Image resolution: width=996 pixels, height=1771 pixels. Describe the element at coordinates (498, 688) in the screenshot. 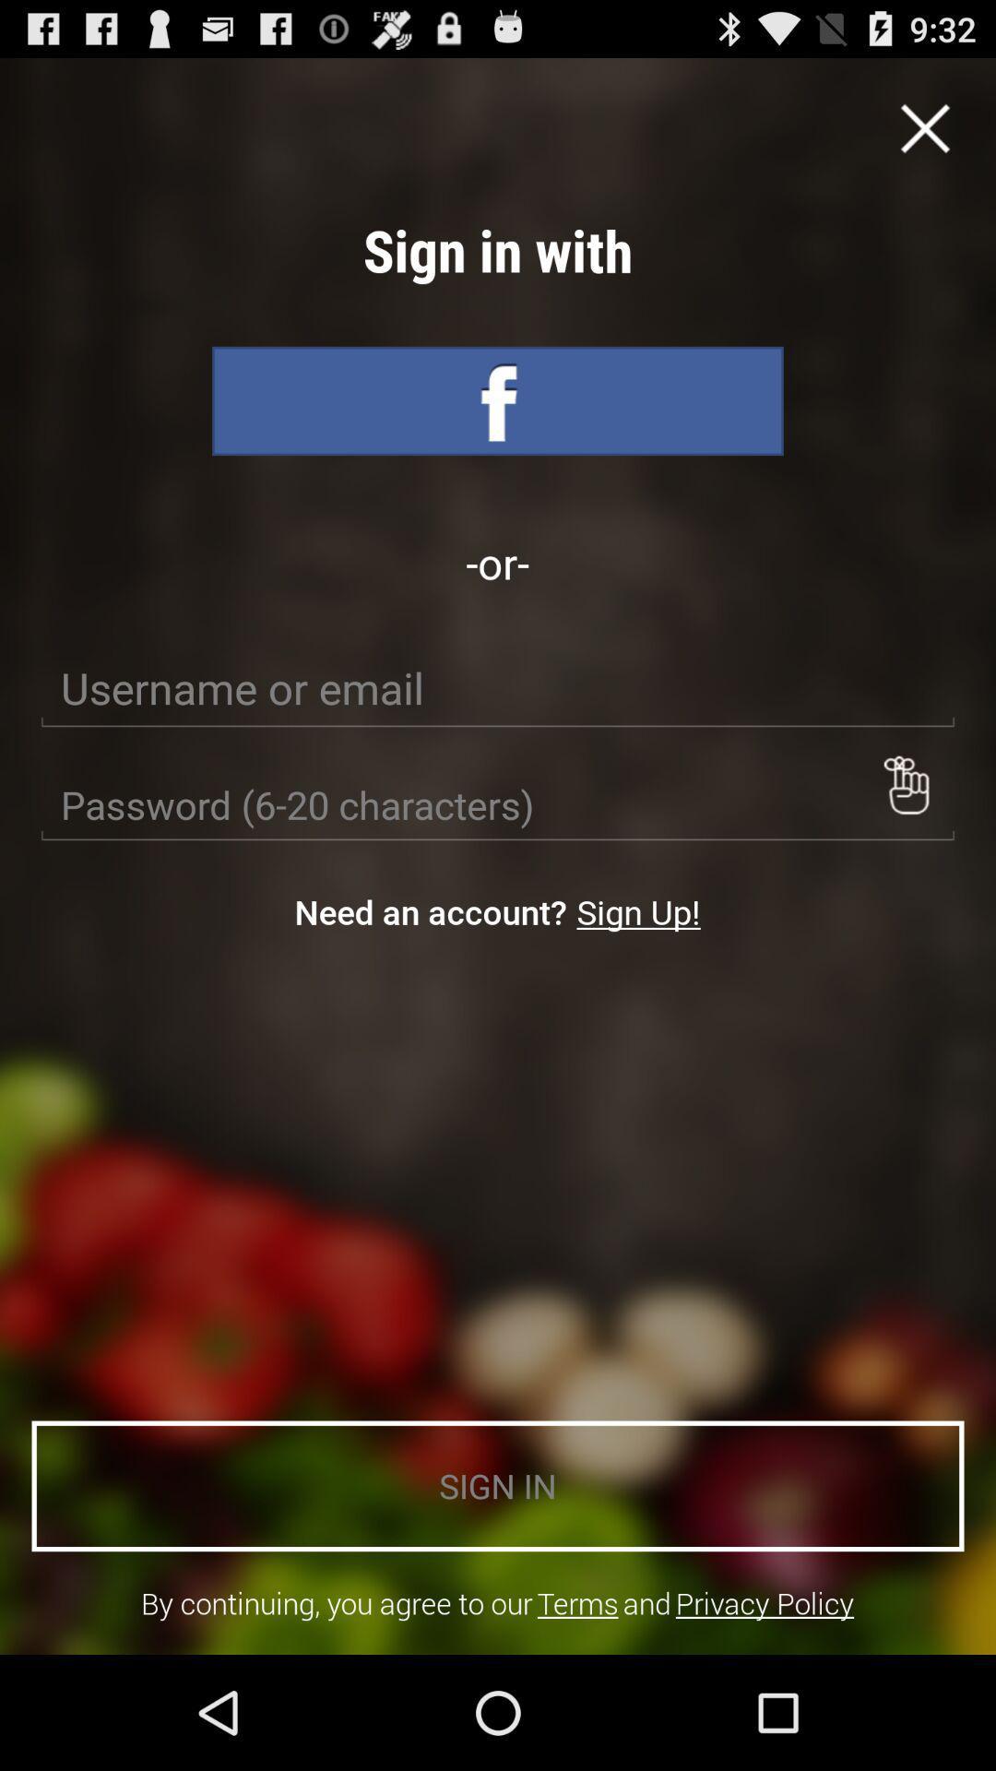

I see `usename` at that location.